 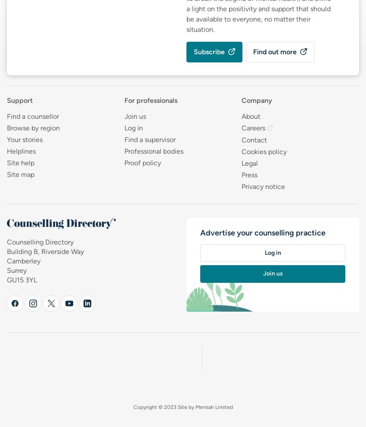 I want to click on 'Careers', so click(x=253, y=127).